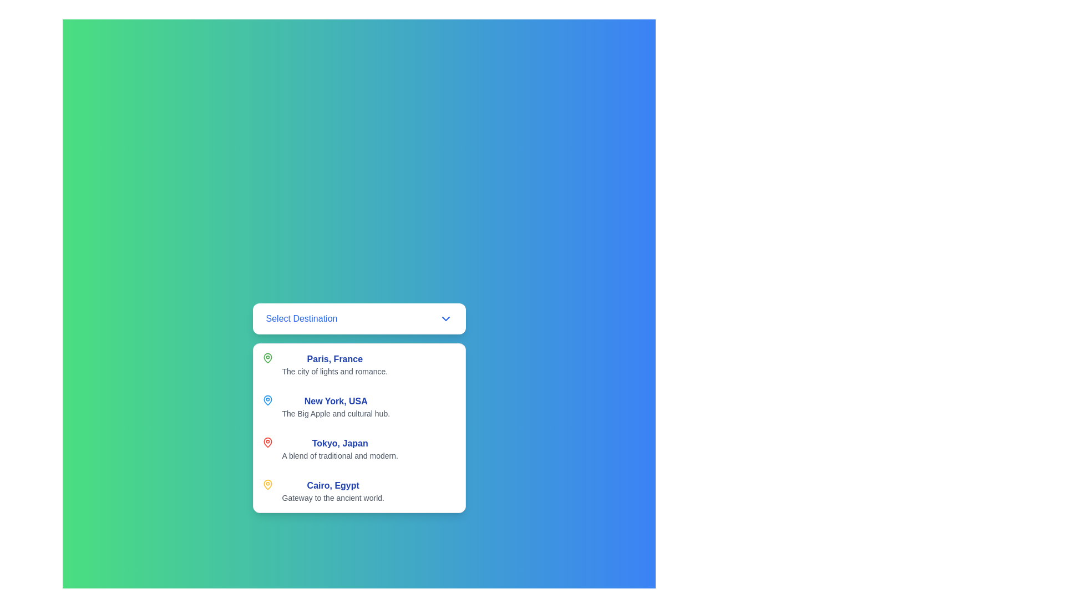  I want to click on the selectable list item displaying 'New York, USA', so click(359, 407).